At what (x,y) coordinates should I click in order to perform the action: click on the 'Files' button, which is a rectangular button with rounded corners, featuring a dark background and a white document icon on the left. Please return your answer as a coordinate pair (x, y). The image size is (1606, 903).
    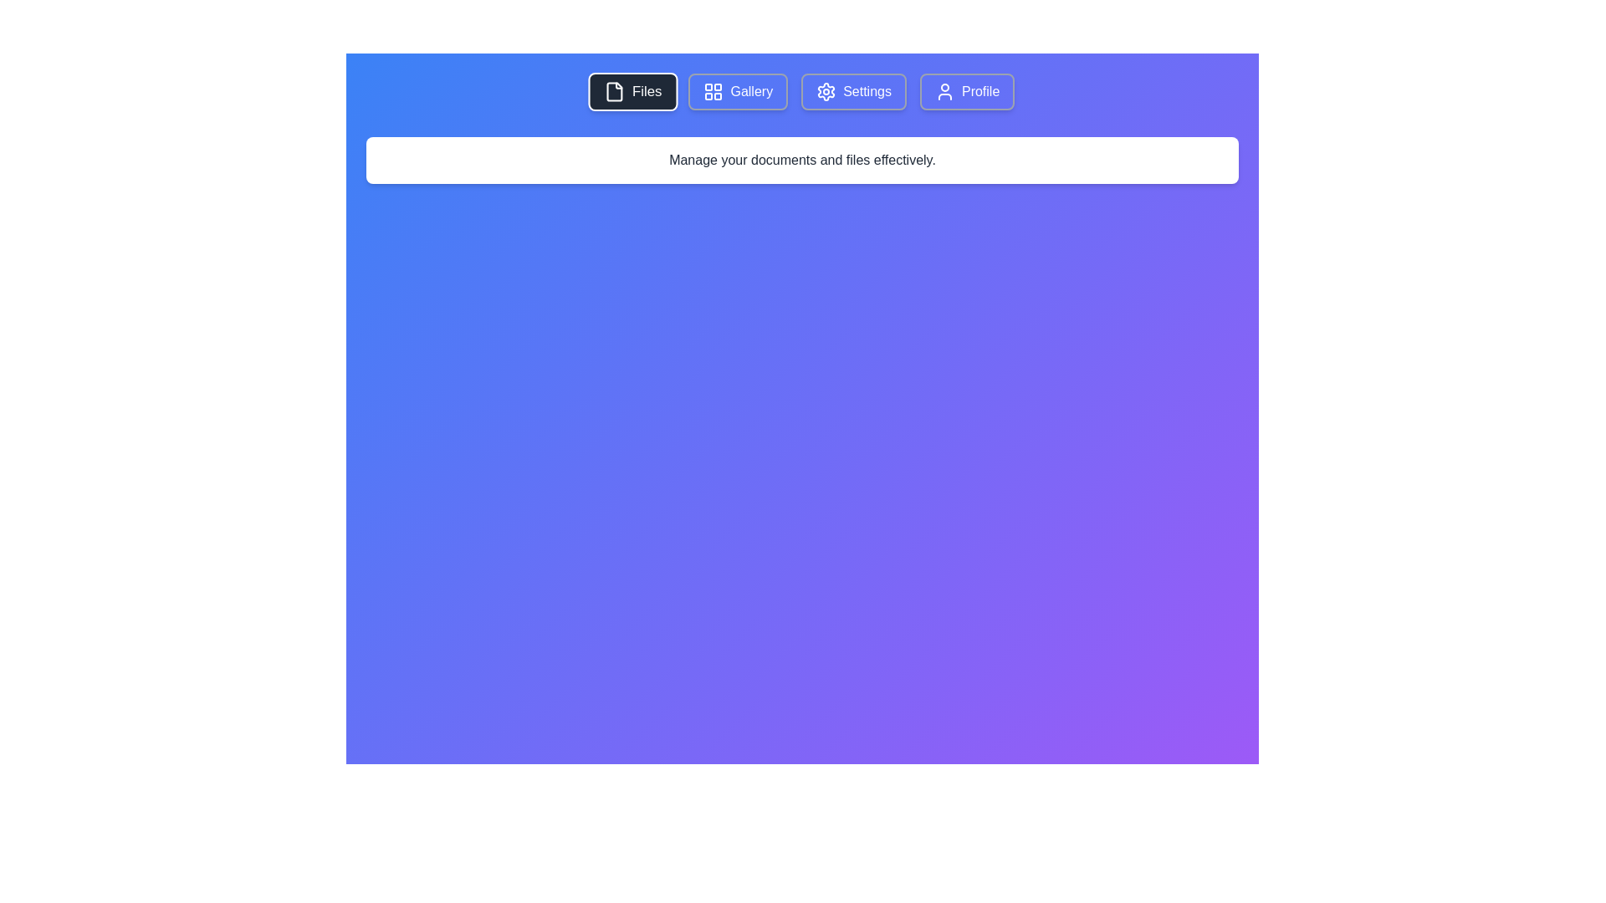
    Looking at the image, I should click on (632, 92).